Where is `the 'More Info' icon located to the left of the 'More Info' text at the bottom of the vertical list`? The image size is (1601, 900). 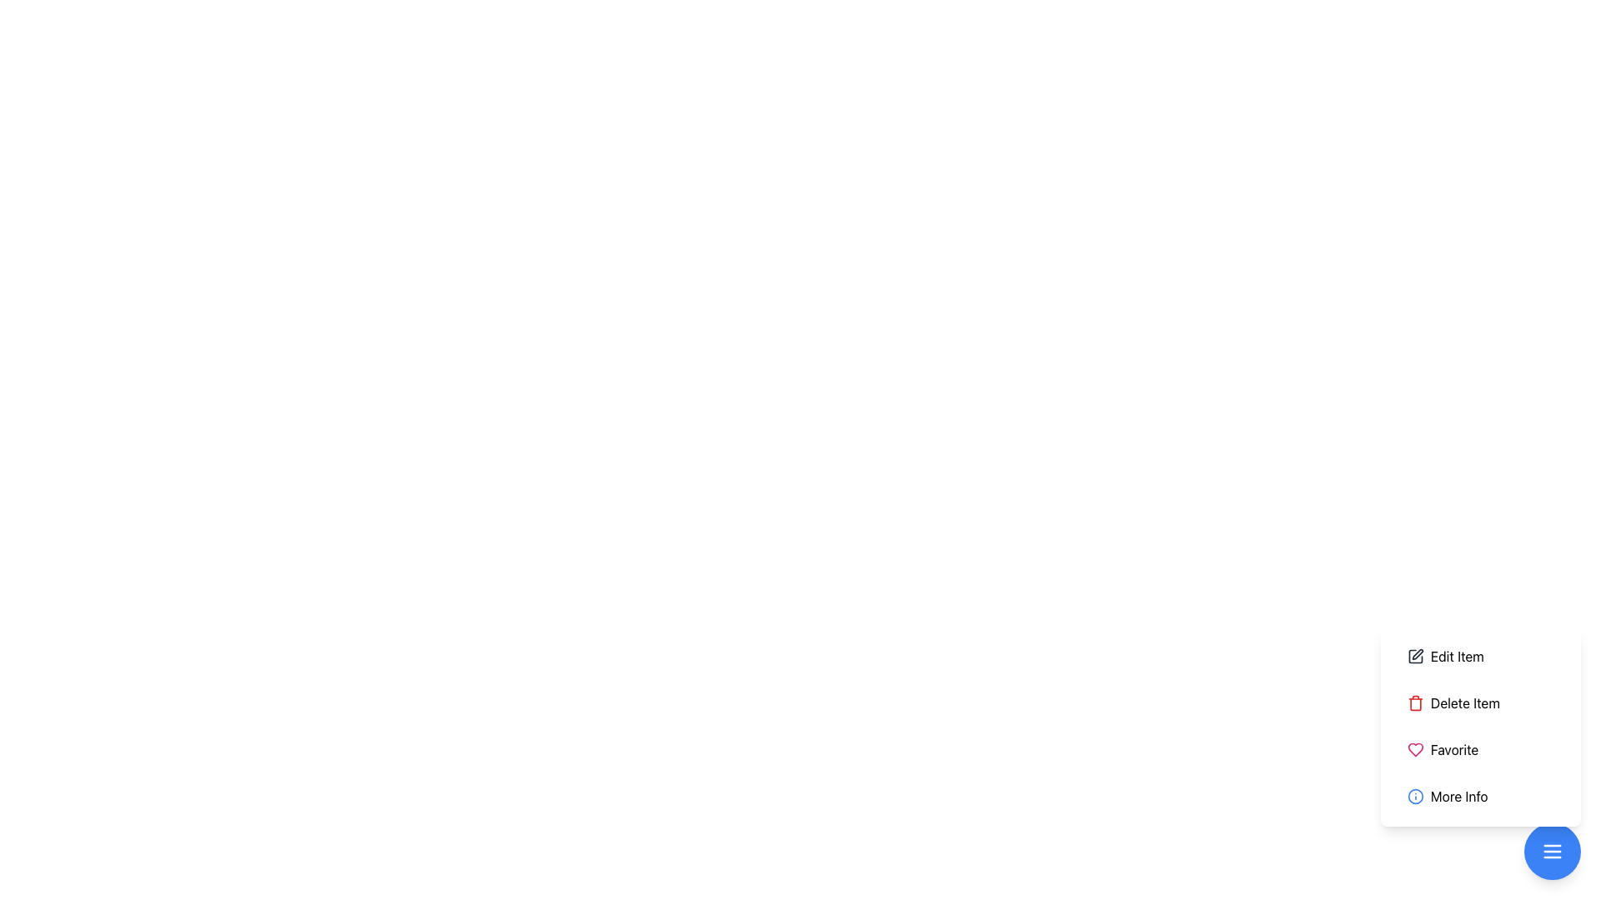
the 'More Info' icon located to the left of the 'More Info' text at the bottom of the vertical list is located at coordinates (1415, 796).